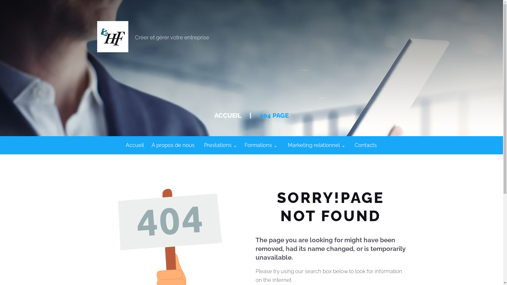 The width and height of the screenshot is (507, 285). What do you see at coordinates (365, 145) in the screenshot?
I see `'Contacts'` at bounding box center [365, 145].